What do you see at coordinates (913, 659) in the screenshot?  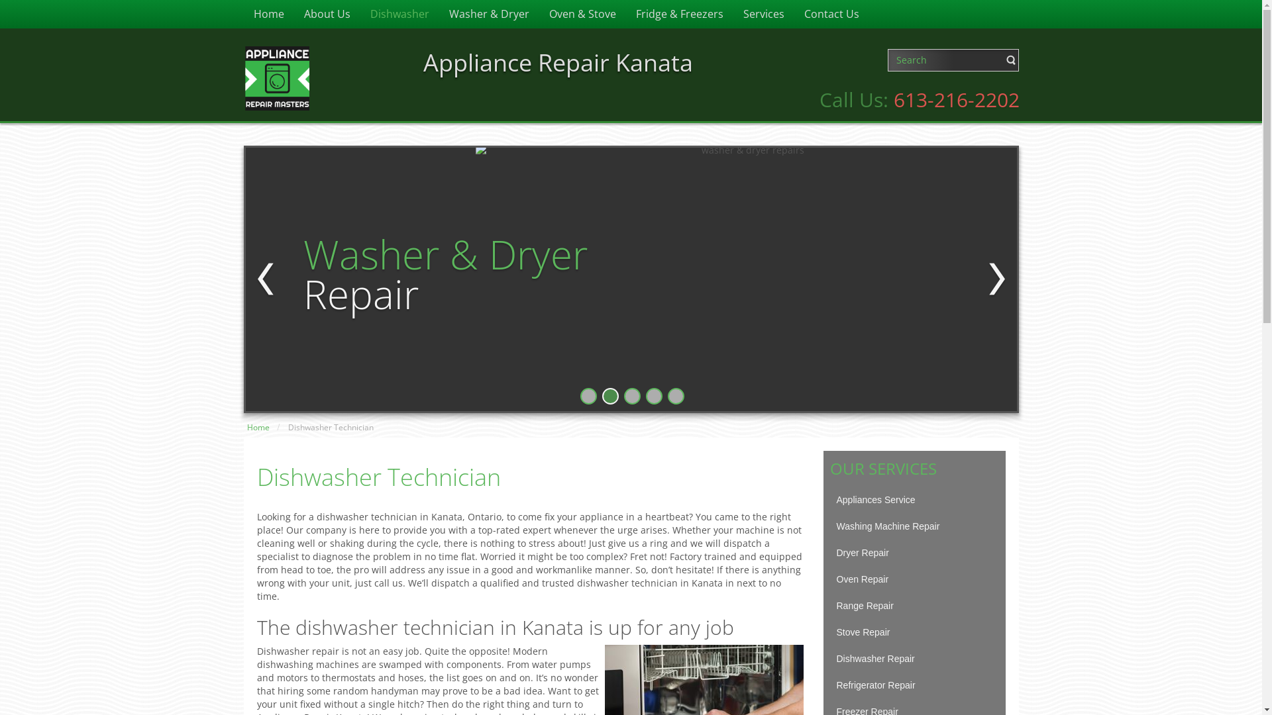 I see `'Dishwasher Repair'` at bounding box center [913, 659].